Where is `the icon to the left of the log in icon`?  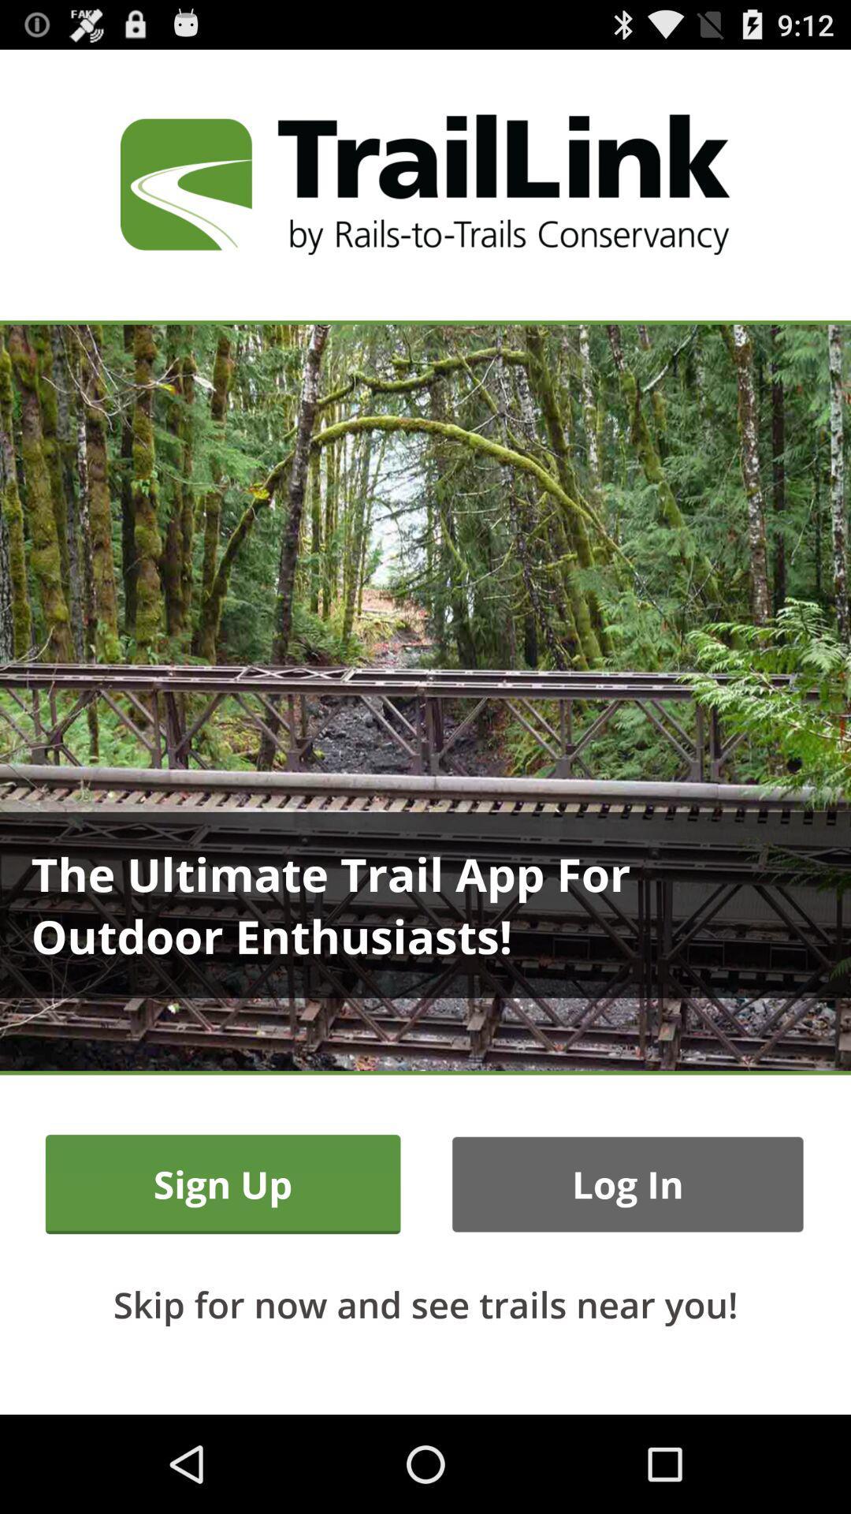
the icon to the left of the log in icon is located at coordinates (223, 1184).